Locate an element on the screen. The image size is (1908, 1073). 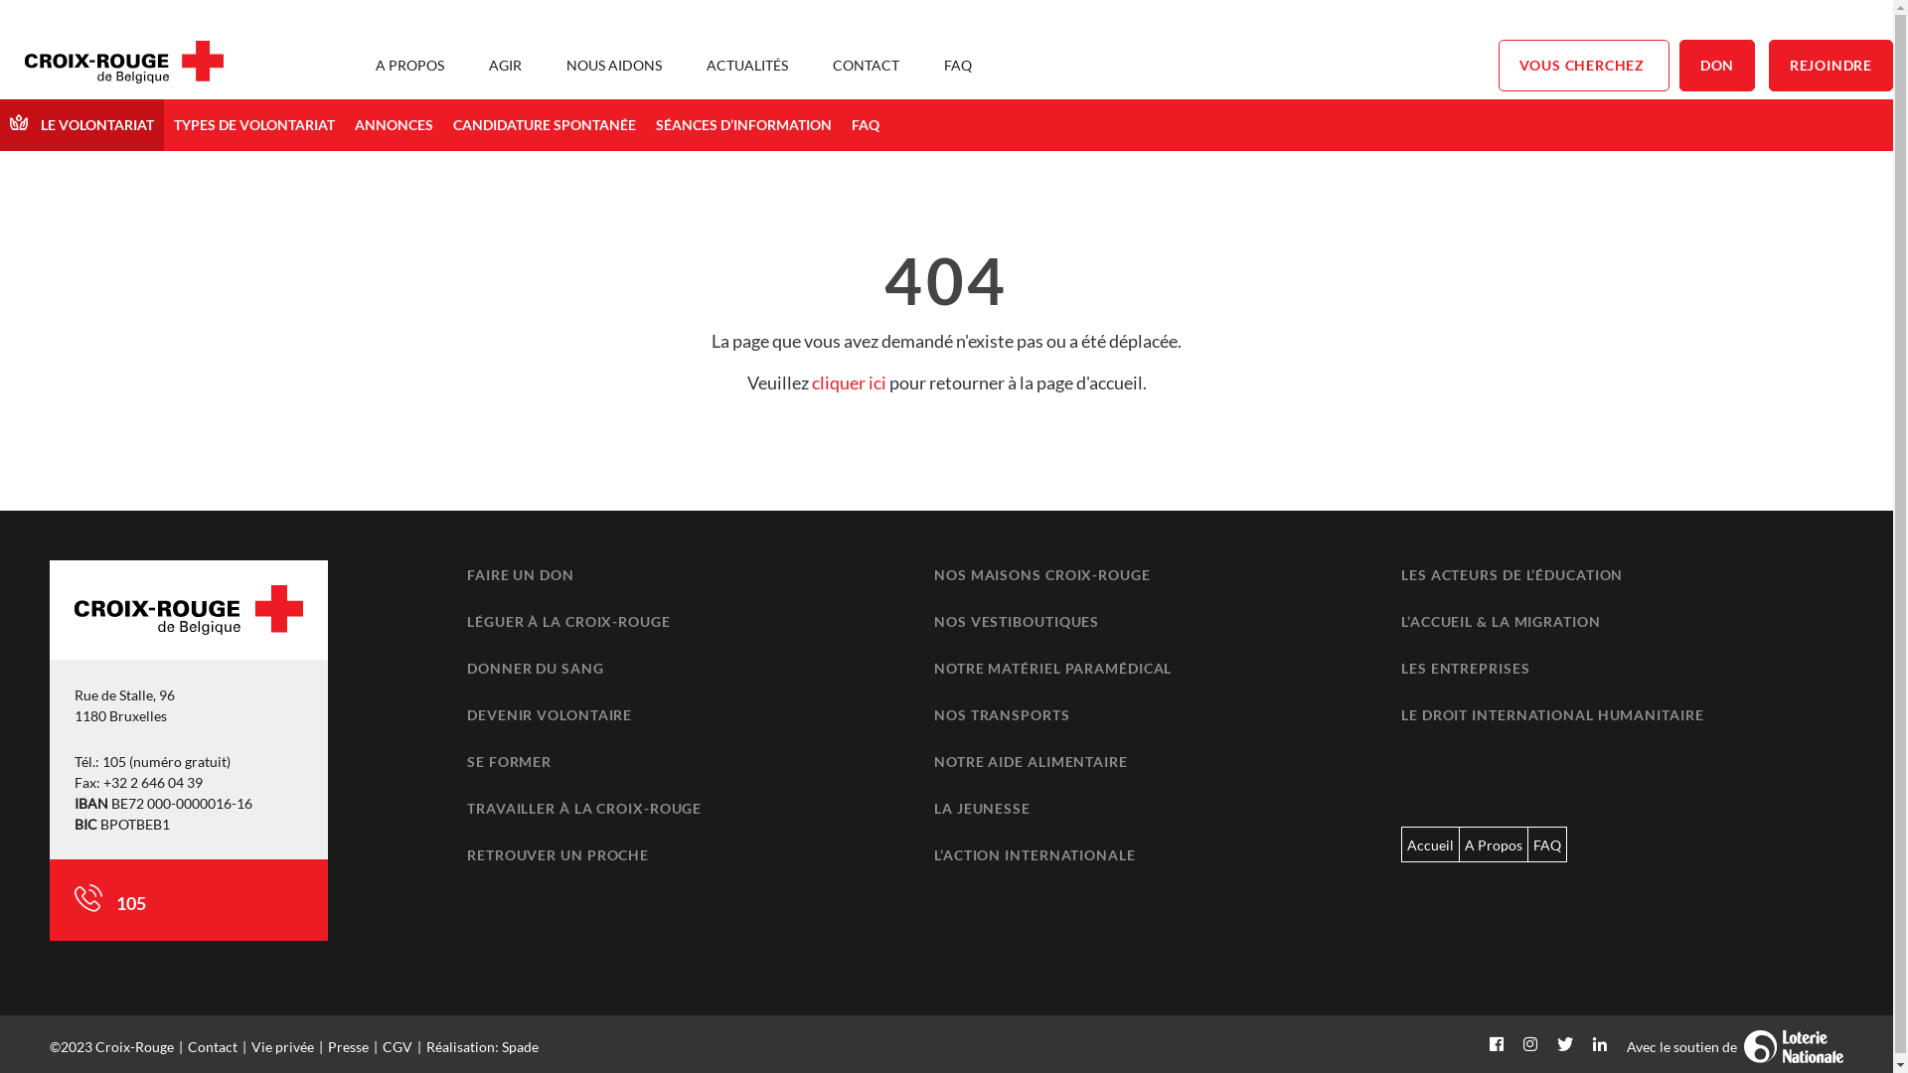
'FAQ' is located at coordinates (1531, 844).